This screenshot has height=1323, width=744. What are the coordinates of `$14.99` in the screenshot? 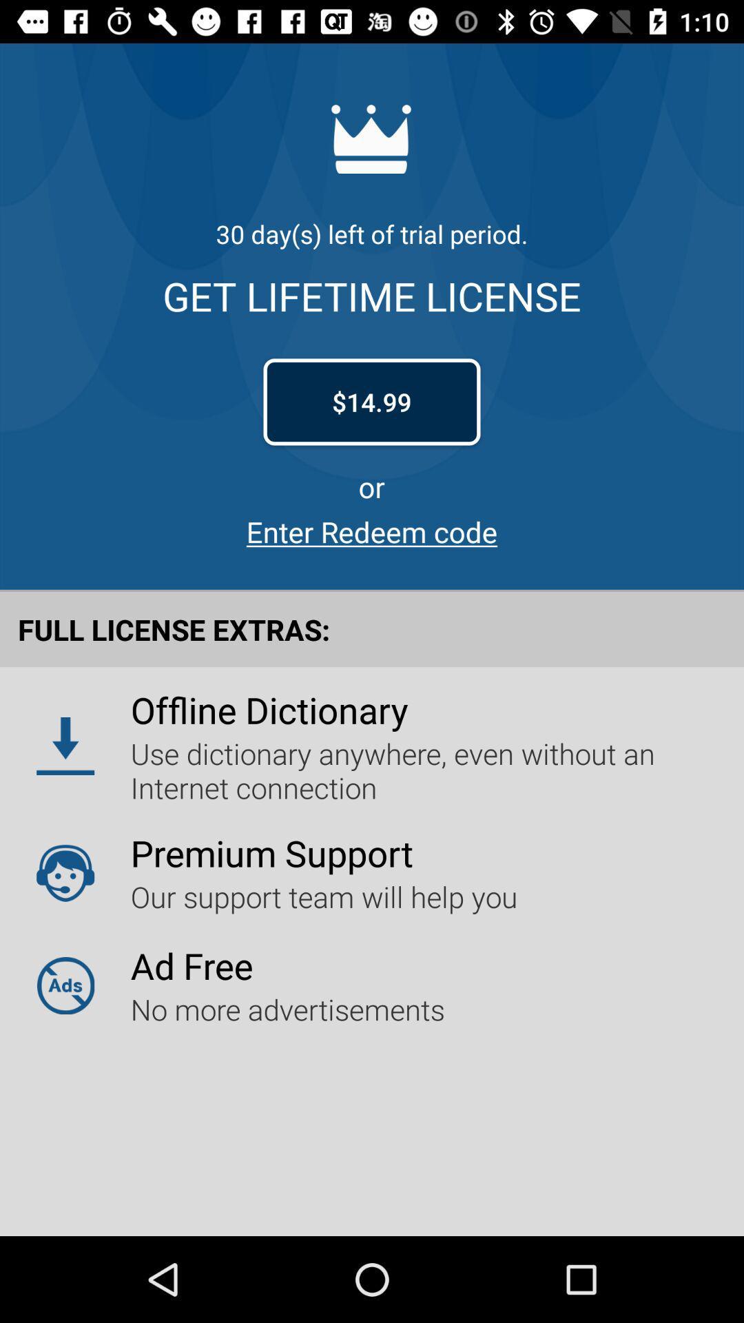 It's located at (372, 401).